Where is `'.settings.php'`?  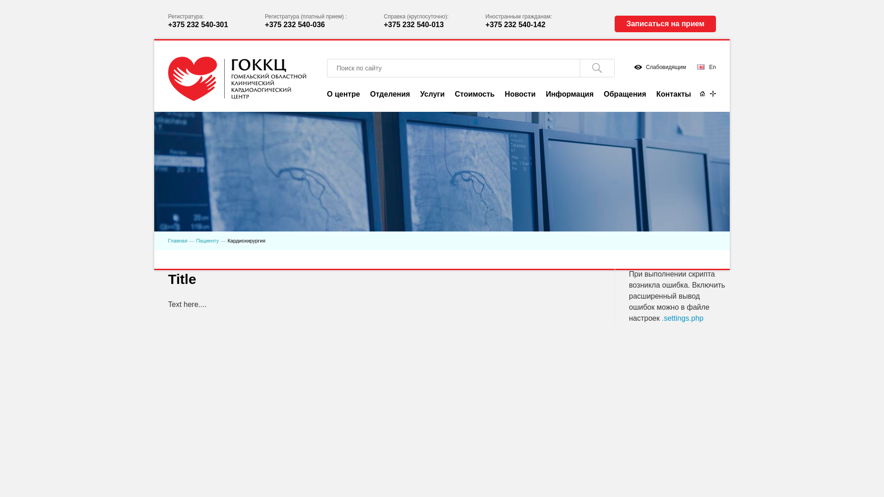 '.settings.php' is located at coordinates (682, 318).